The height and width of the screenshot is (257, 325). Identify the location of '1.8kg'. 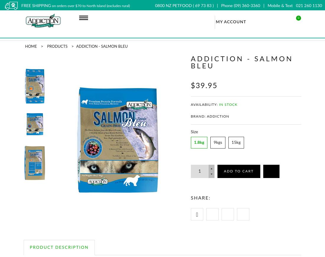
(199, 142).